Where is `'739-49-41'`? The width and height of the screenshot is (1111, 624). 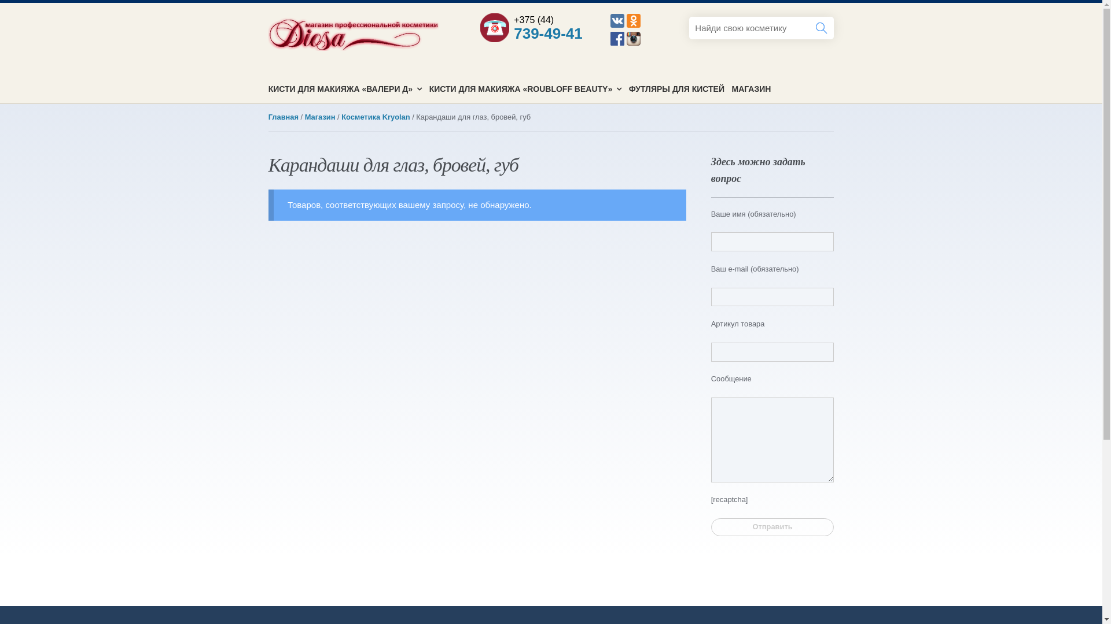
'739-49-41' is located at coordinates (547, 32).